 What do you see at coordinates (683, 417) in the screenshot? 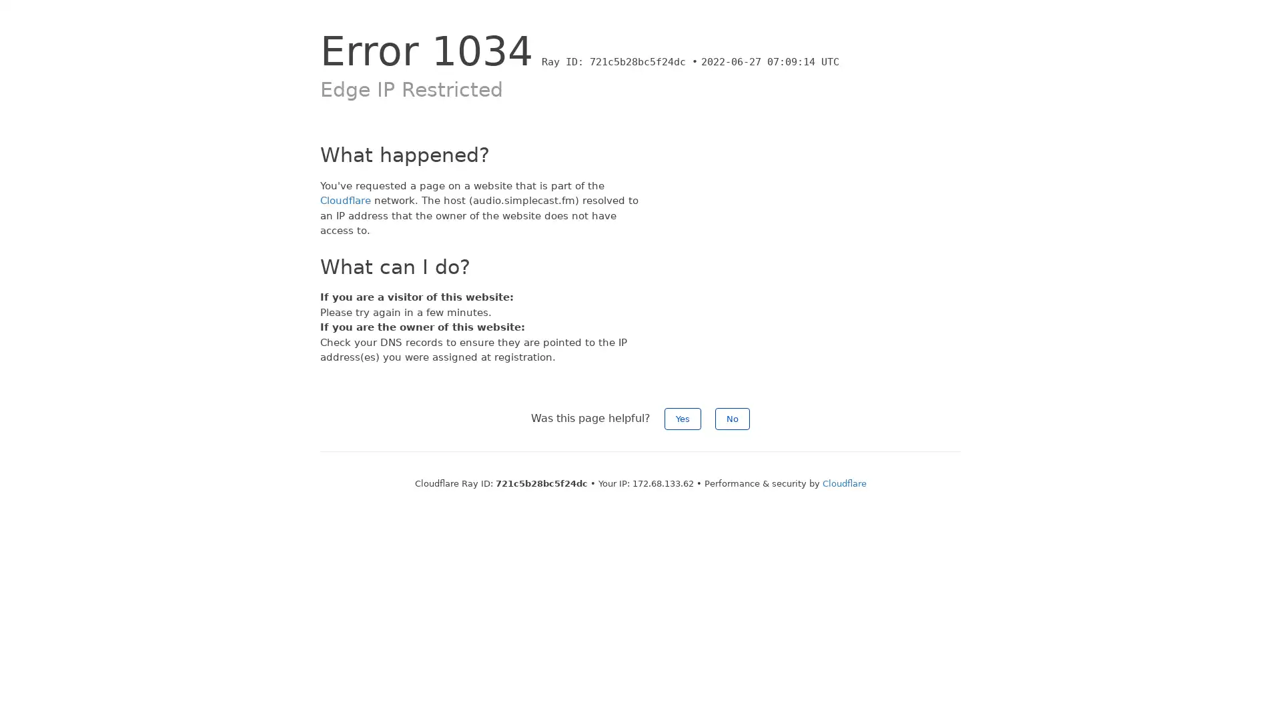
I see `Yes` at bounding box center [683, 417].